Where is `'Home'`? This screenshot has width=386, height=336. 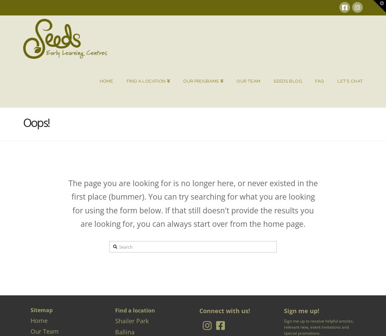 'Home' is located at coordinates (39, 320).